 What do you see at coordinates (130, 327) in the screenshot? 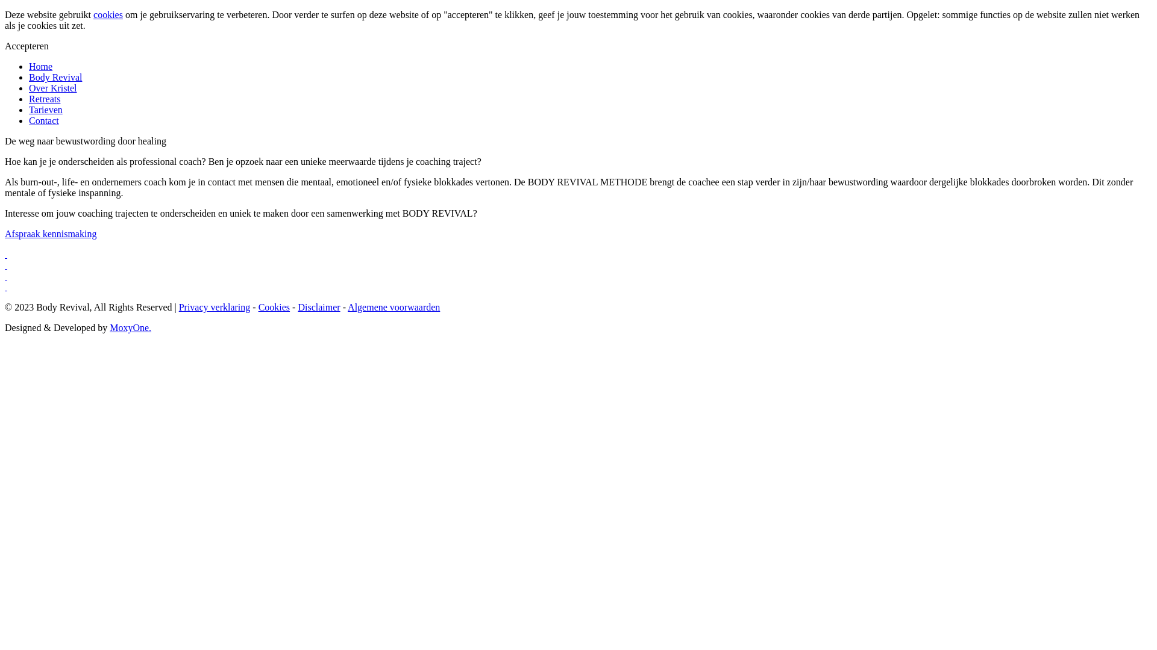
I see `'MoxyOne.'` at bounding box center [130, 327].